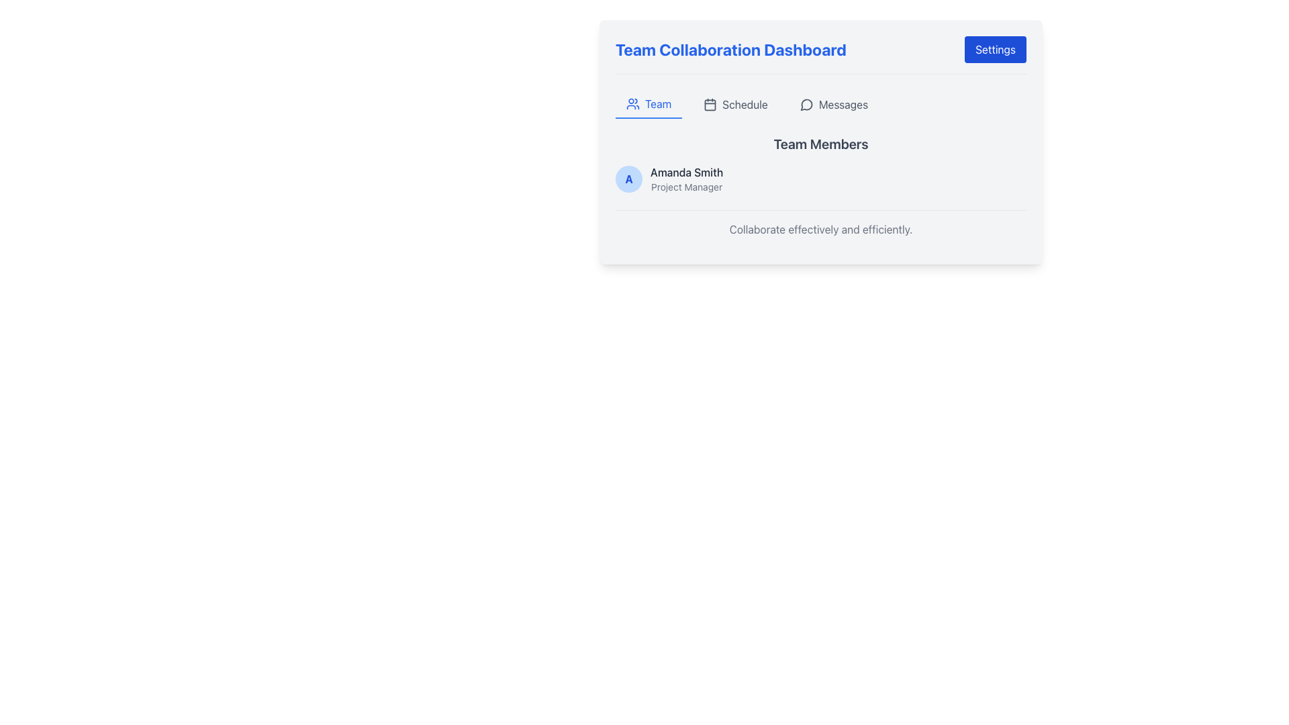  Describe the element at coordinates (744, 103) in the screenshot. I see `the 'Schedule' text label, which is styled in gray sans-serif font and is part of the horizontal navigation bar adjacent to a calendar icon` at that location.